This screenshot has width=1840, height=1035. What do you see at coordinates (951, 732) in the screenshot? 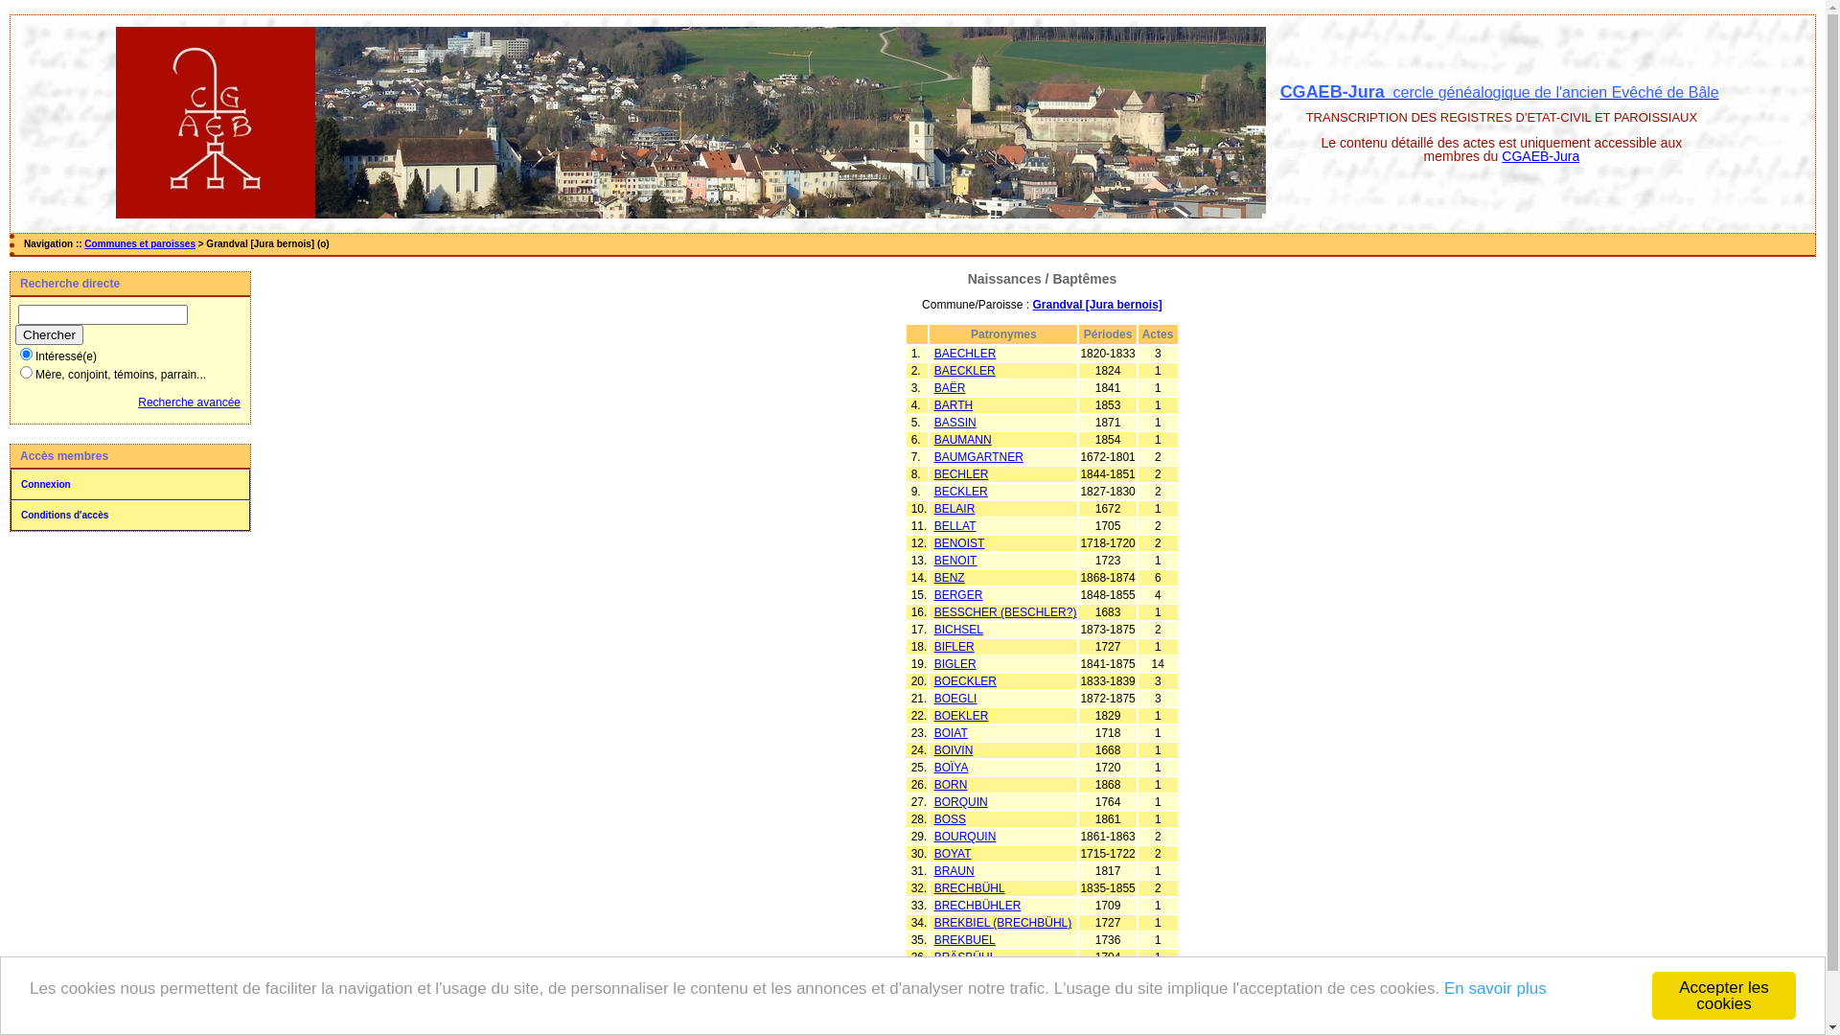
I see `'BOIAT'` at bounding box center [951, 732].